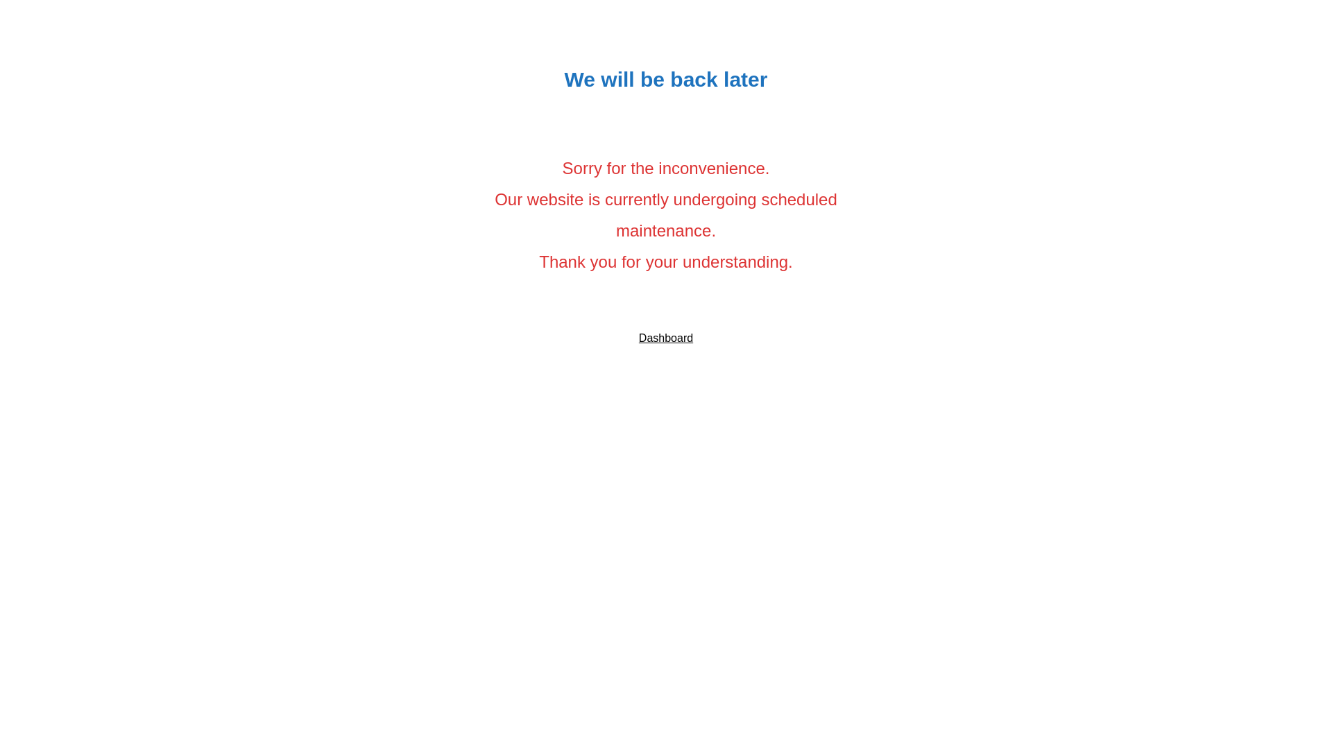 The height and width of the screenshot is (749, 1332). What do you see at coordinates (666, 338) in the screenshot?
I see `'Dashboard'` at bounding box center [666, 338].